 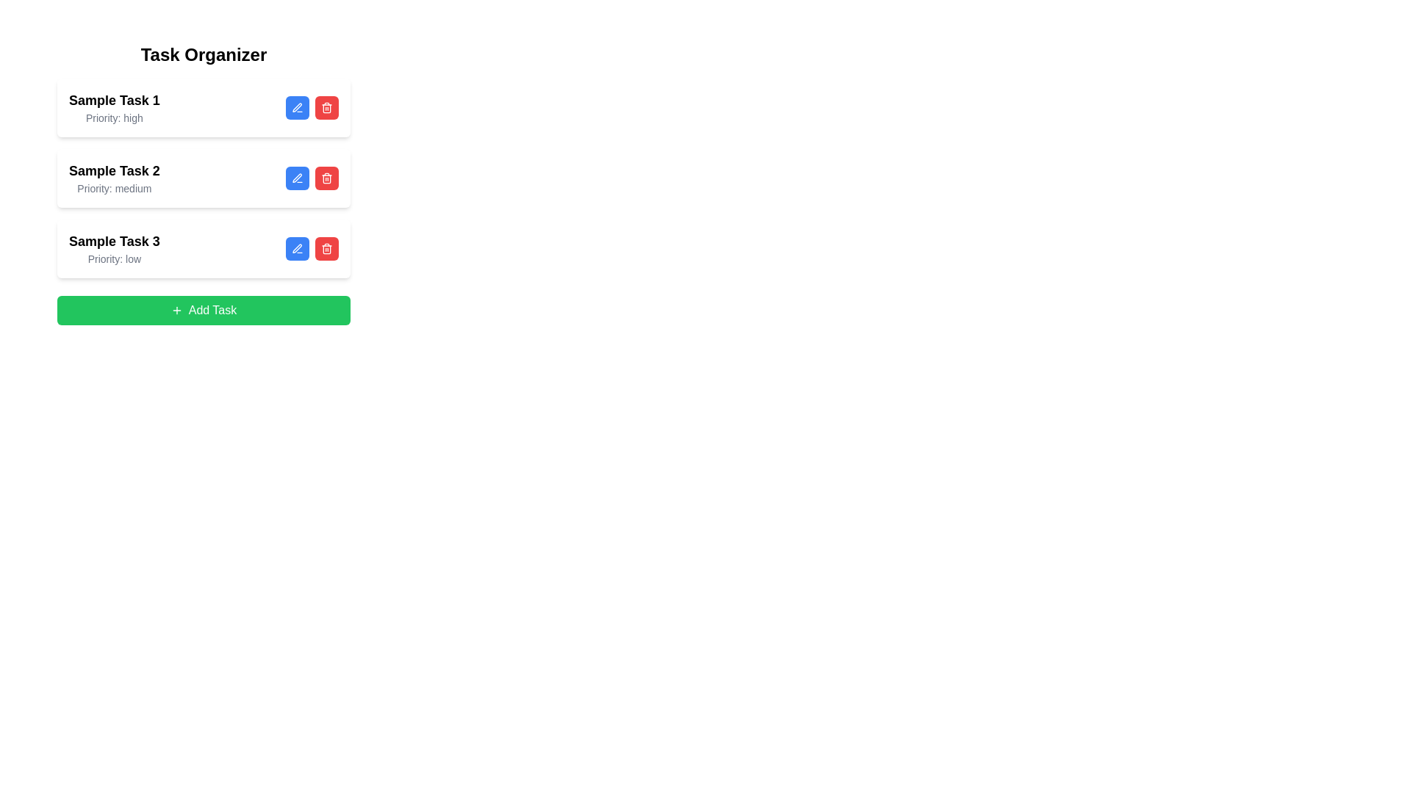 What do you see at coordinates (113, 240) in the screenshot?
I see `task title displayed in the text label located in the third task card from the top, above the 'Priority: low' text` at bounding box center [113, 240].